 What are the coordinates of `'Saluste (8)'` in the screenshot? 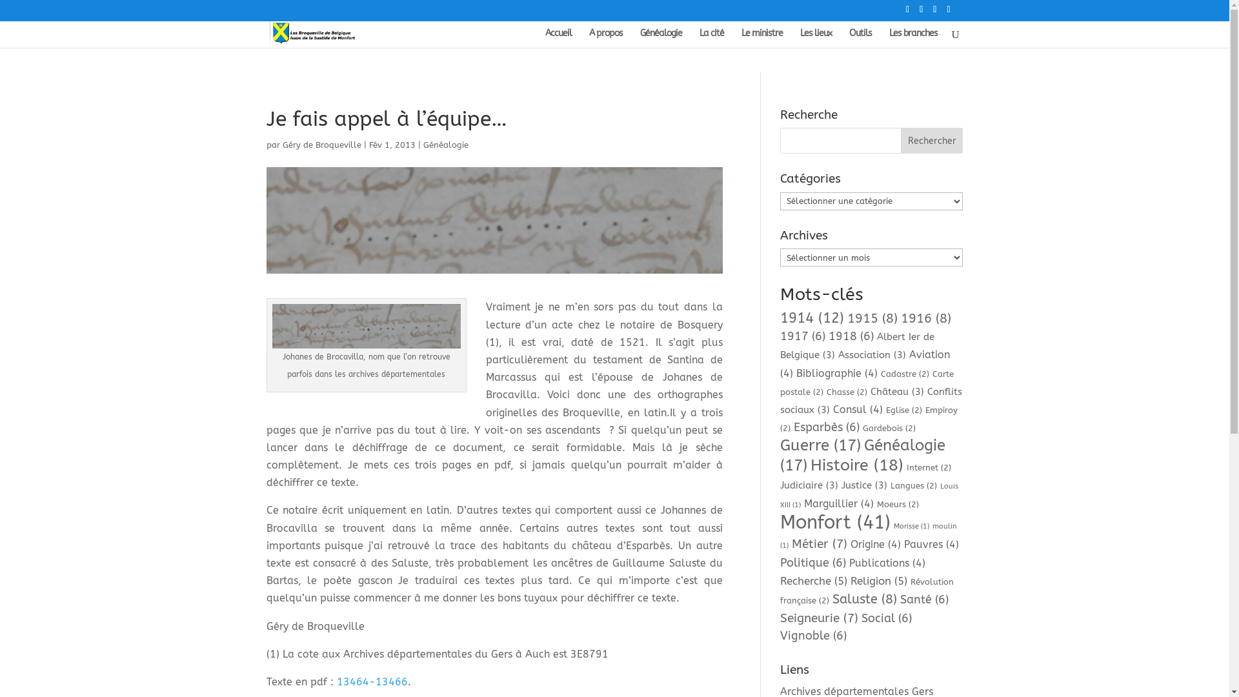 It's located at (864, 599).